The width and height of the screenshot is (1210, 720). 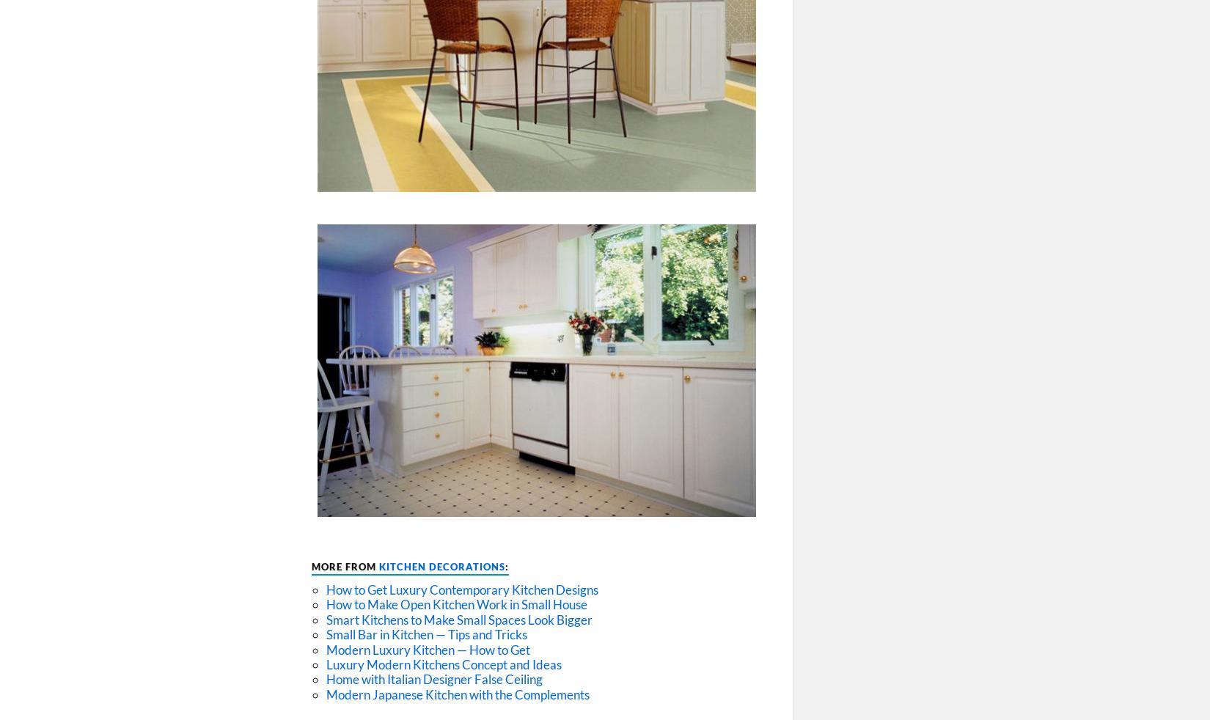 What do you see at coordinates (378, 567) in the screenshot?
I see `'Kitchen Decorations'` at bounding box center [378, 567].